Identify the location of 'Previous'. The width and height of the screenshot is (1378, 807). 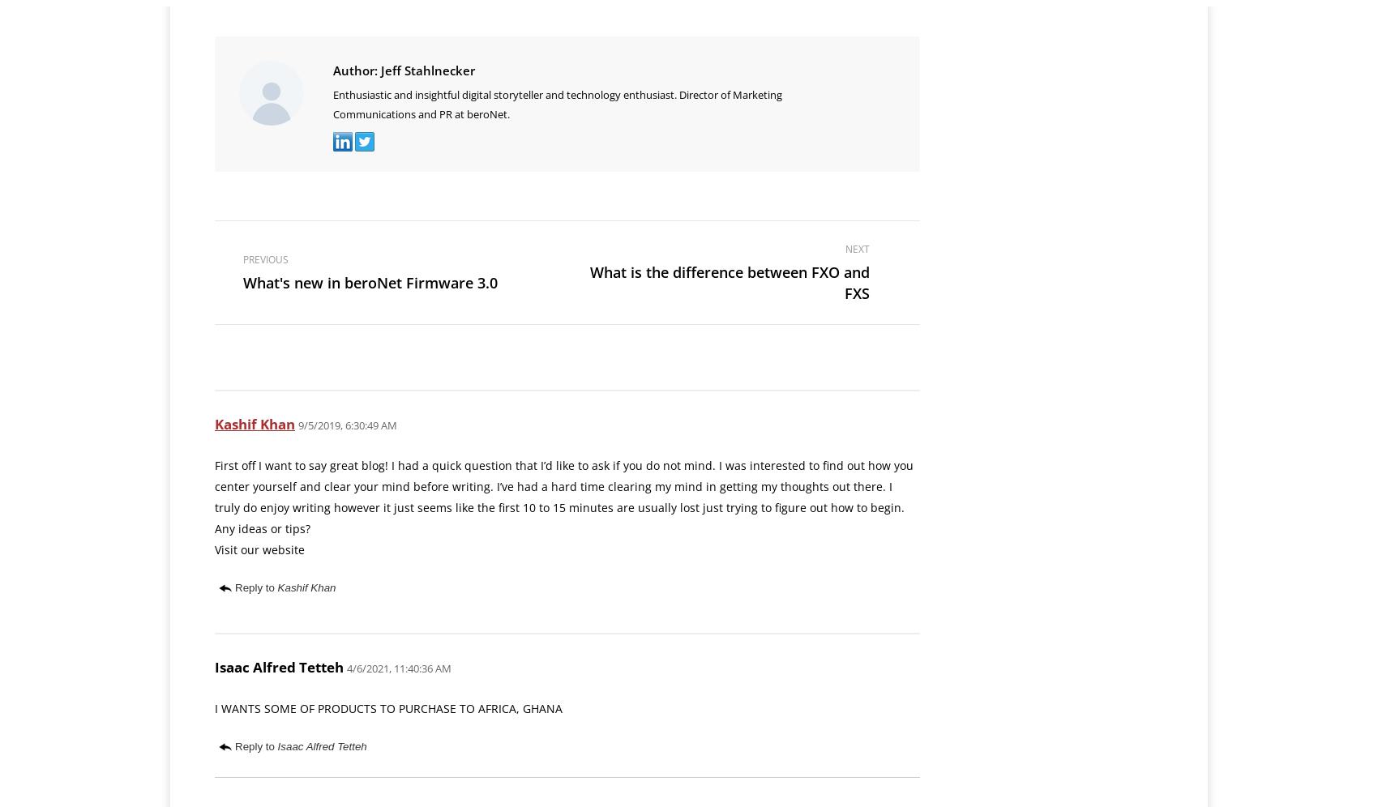
(264, 258).